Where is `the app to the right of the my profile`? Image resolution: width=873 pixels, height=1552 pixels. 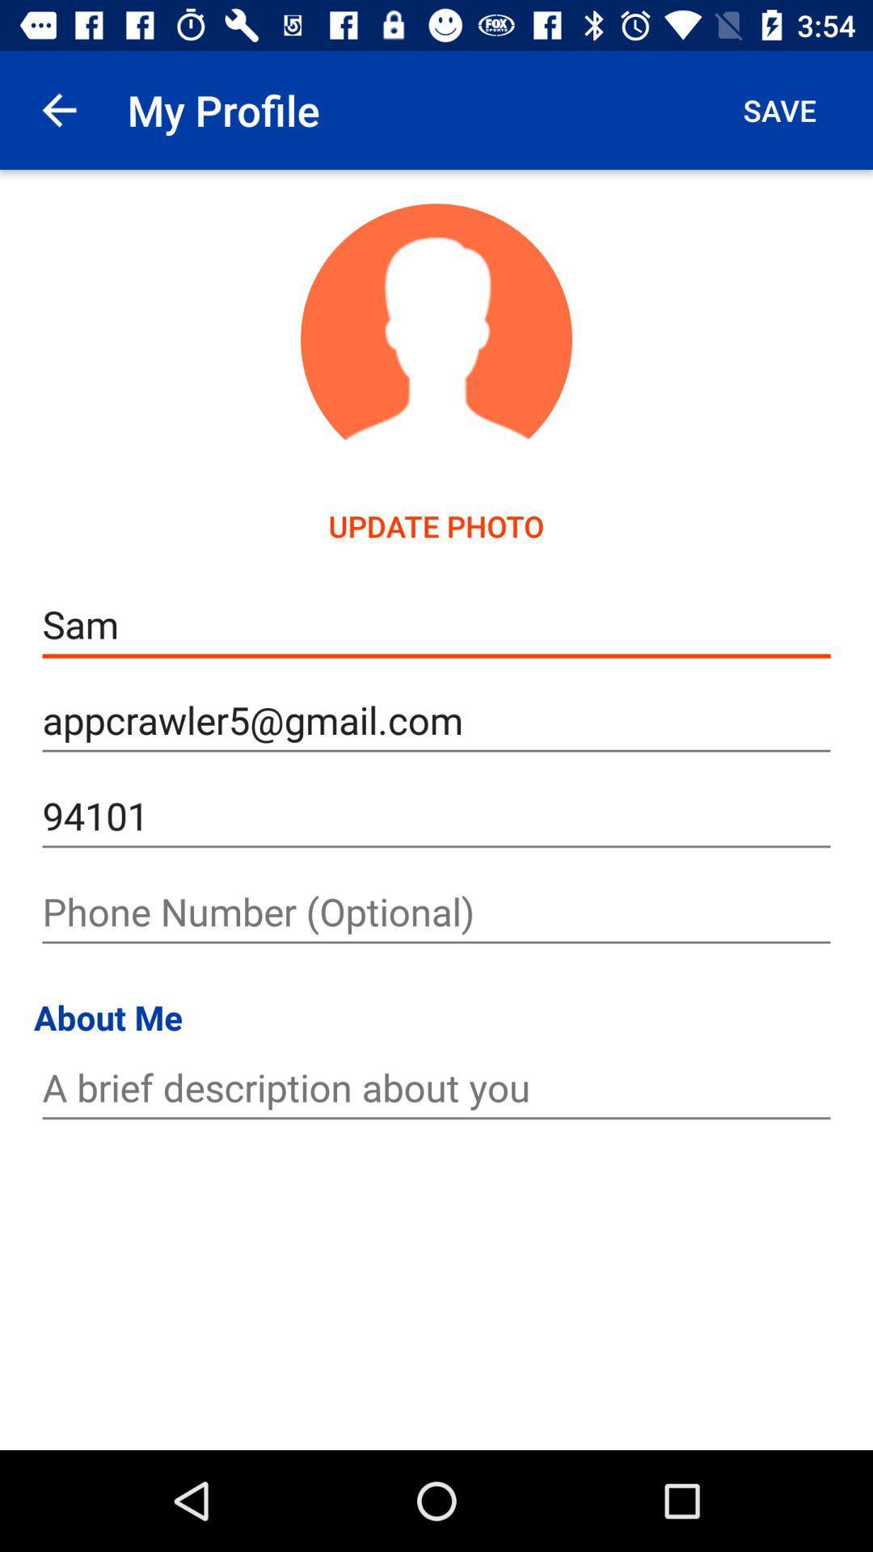
the app to the right of the my profile is located at coordinates (778, 109).